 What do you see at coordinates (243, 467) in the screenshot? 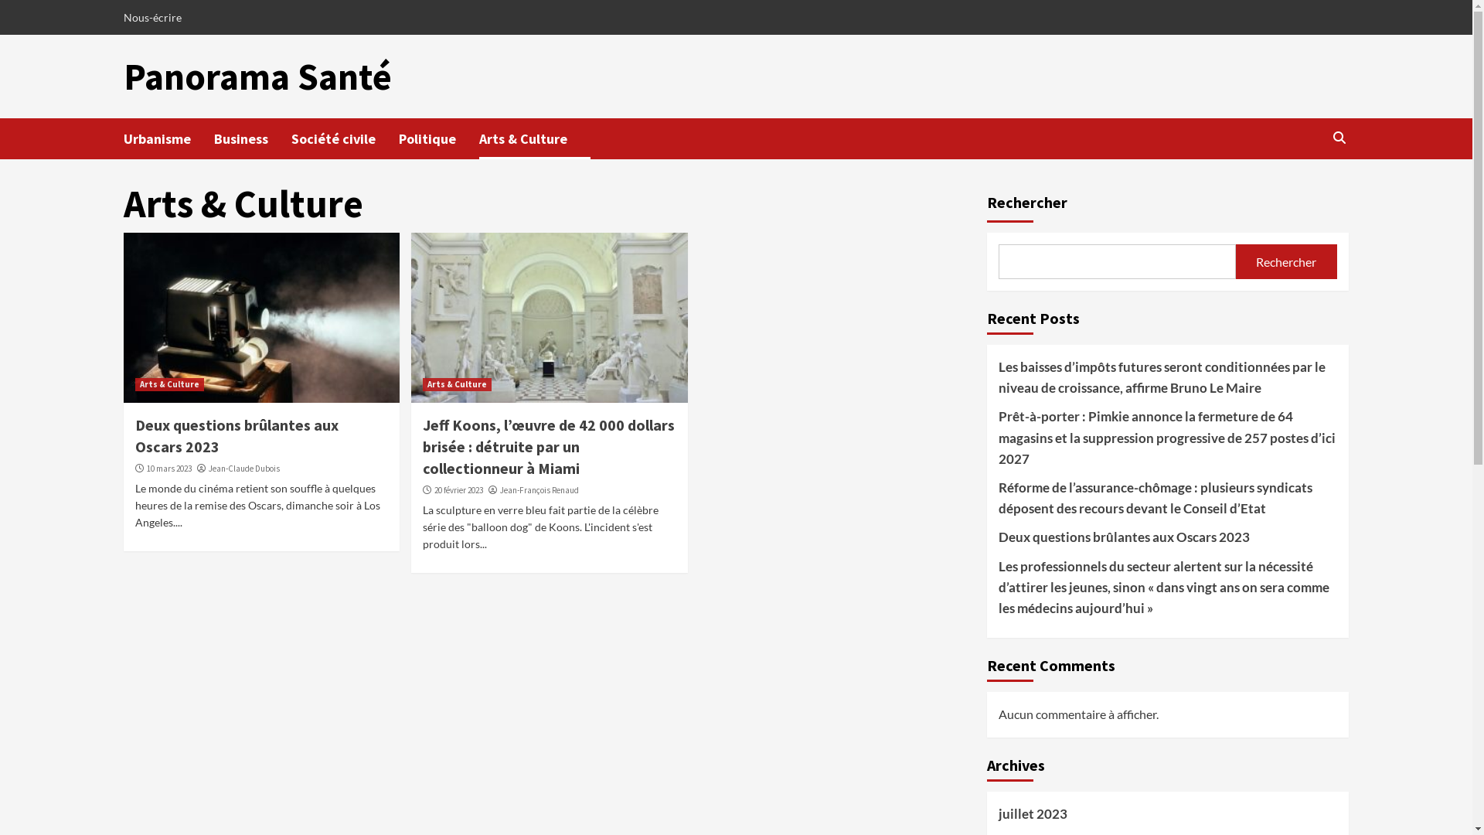
I see `'Jean-Claude Dubois'` at bounding box center [243, 467].